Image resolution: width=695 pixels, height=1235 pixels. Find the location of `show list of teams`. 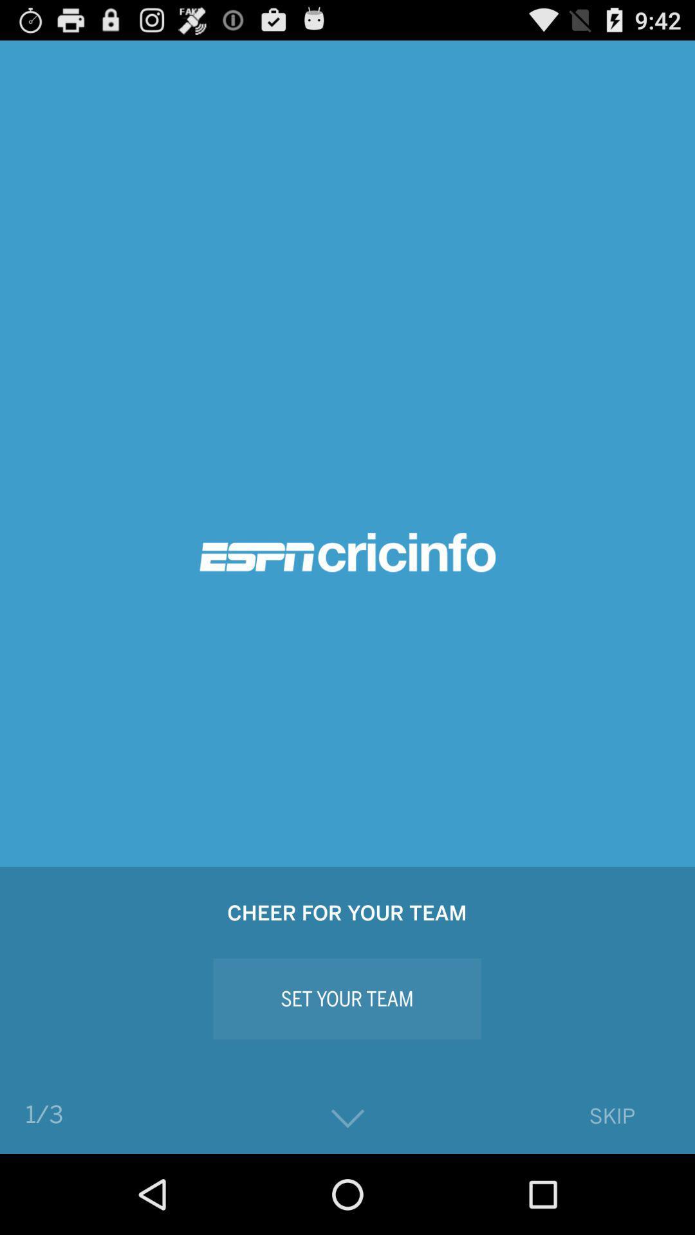

show list of teams is located at coordinates (347, 1118).